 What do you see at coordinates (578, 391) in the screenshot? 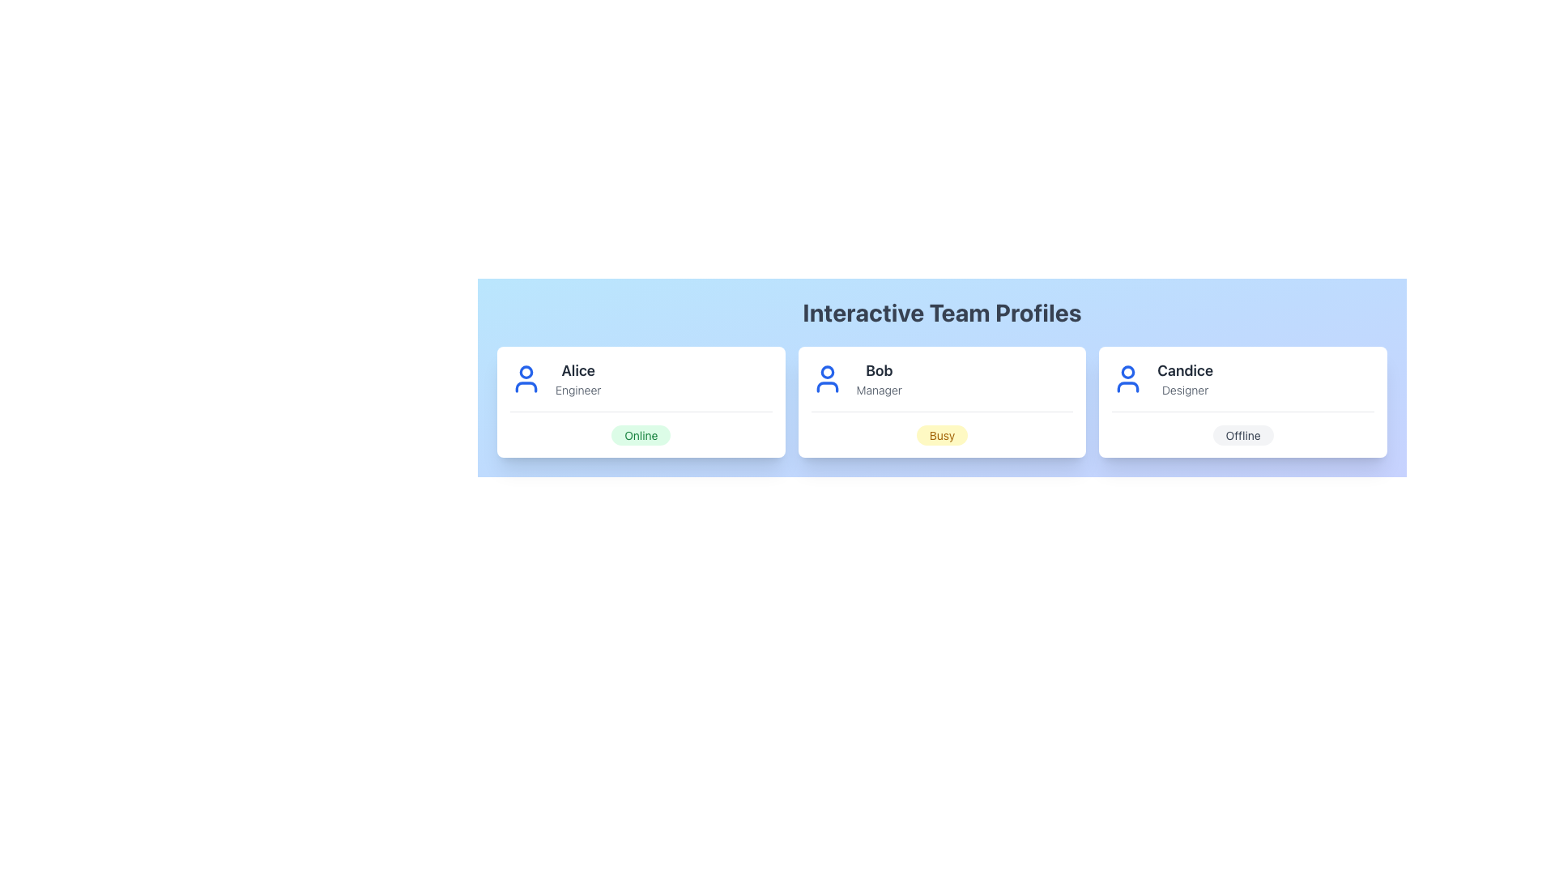
I see `the Text label indicating the role or occupation (Engineer) associated with the character 'Alice', located within the card-like component beneath the 'Alice' heading` at bounding box center [578, 391].